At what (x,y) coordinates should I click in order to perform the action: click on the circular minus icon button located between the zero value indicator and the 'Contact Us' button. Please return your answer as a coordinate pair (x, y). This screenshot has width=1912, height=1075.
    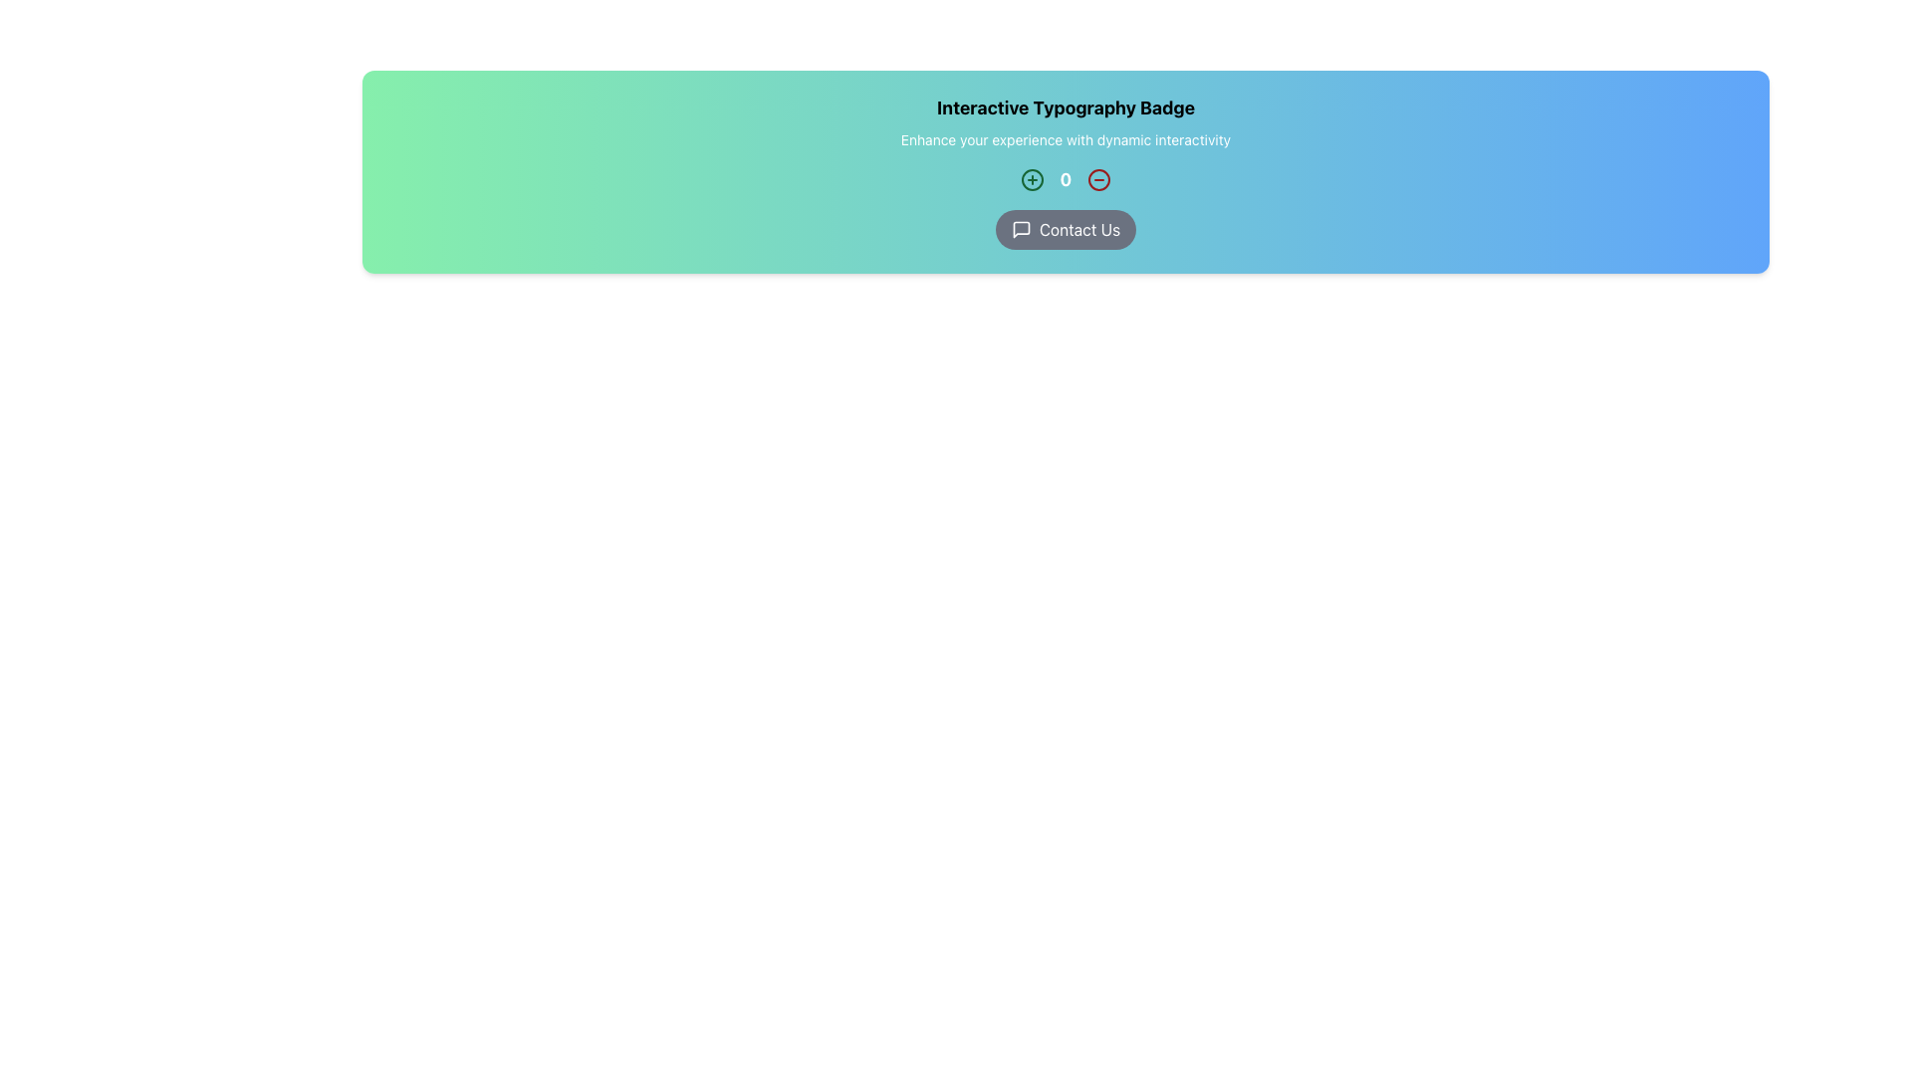
    Looking at the image, I should click on (1098, 180).